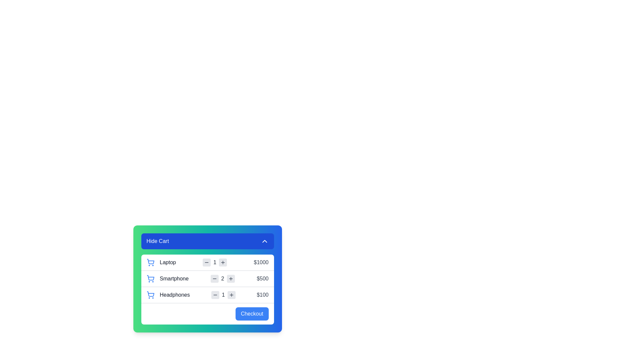 The height and width of the screenshot is (358, 637). Describe the element at coordinates (206, 262) in the screenshot. I see `the decrement button for the 'Laptop' item` at that location.